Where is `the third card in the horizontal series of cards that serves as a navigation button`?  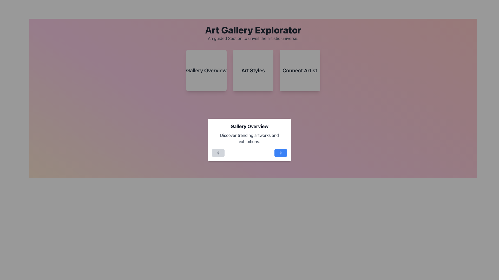
the third card in the horizontal series of cards that serves as a navigation button is located at coordinates (300, 71).